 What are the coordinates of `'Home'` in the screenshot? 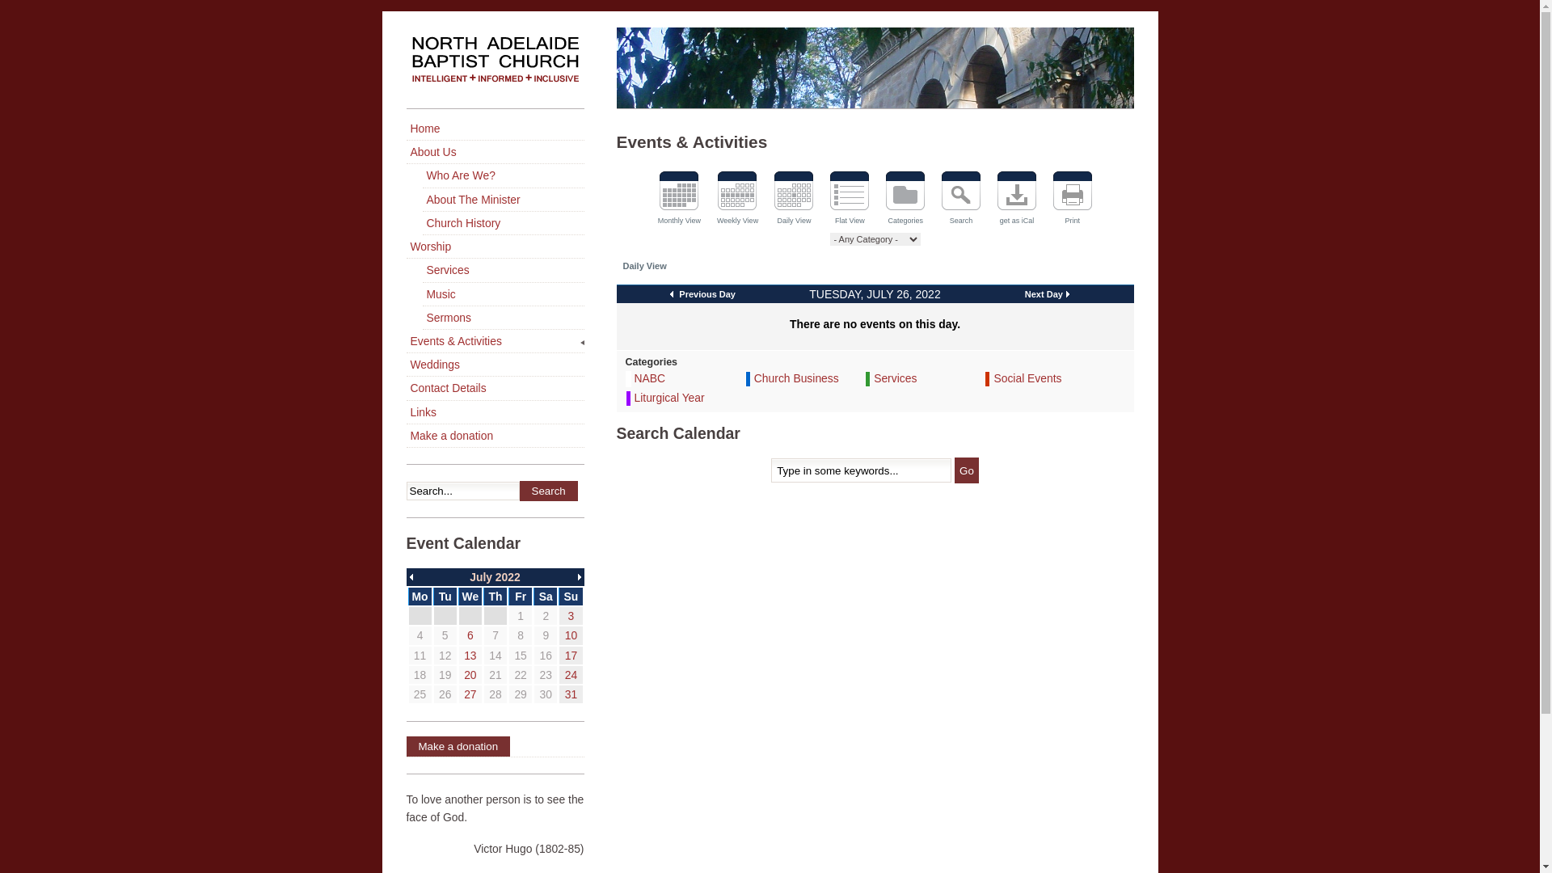 It's located at (493, 128).